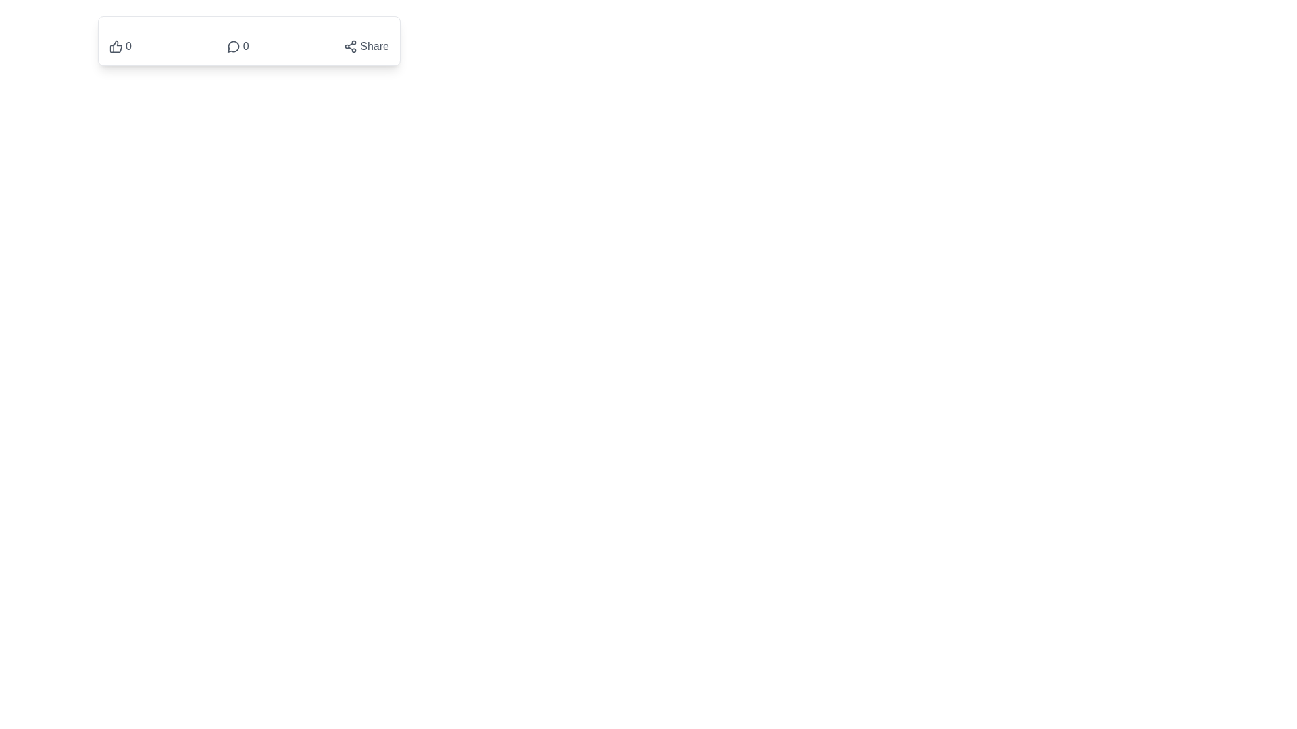 The height and width of the screenshot is (729, 1297). I want to click on the 'Share' button, which features a network icon and gray text that darkens on hover, located at the rightmost position in the control bar, so click(366, 46).